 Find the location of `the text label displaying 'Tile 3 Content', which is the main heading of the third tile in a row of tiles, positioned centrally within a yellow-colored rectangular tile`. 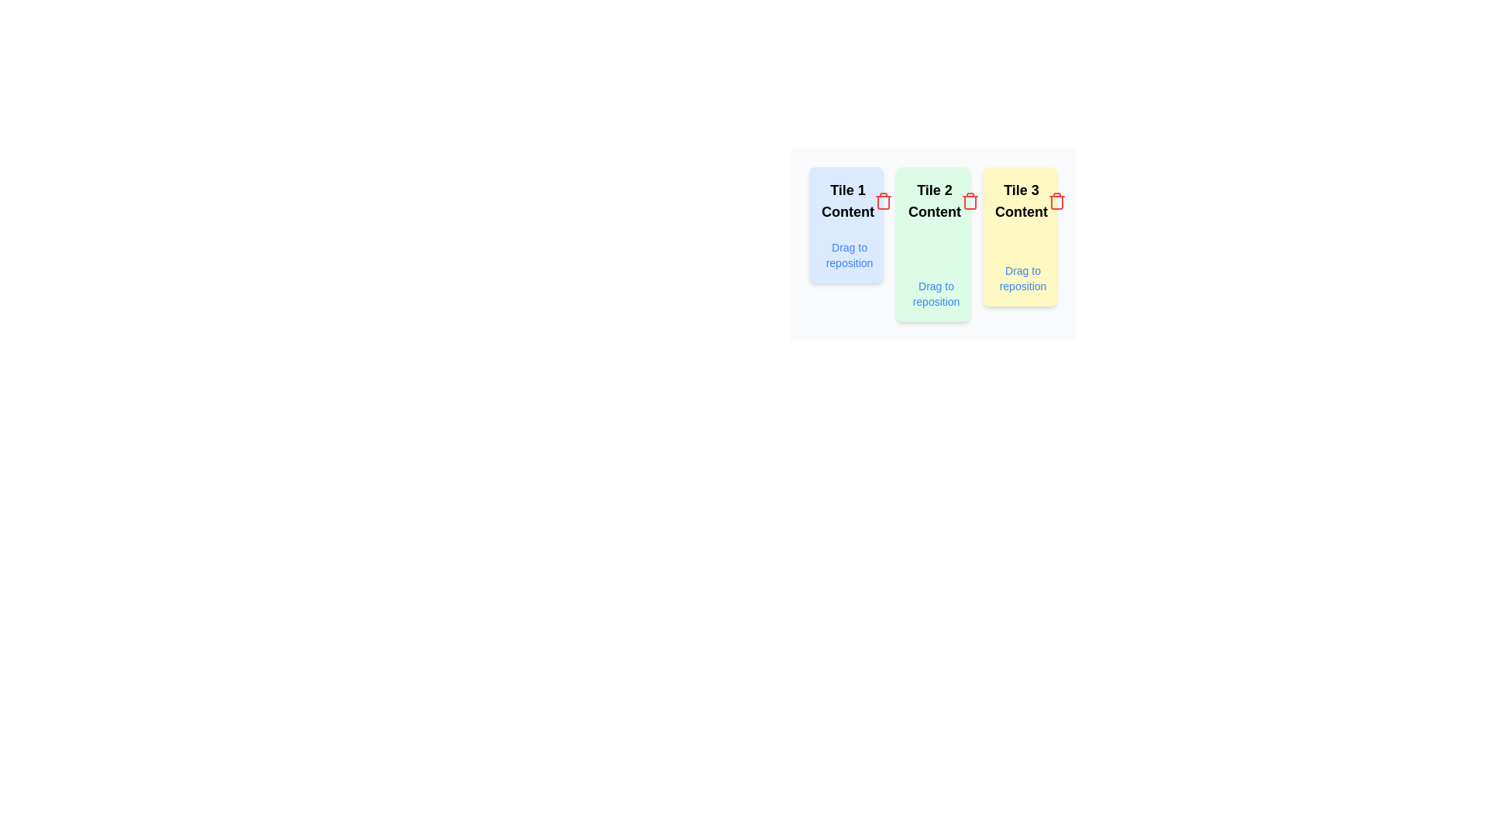

the text label displaying 'Tile 3 Content', which is the main heading of the third tile in a row of tiles, positioned centrally within a yellow-colored rectangular tile is located at coordinates (1022, 200).